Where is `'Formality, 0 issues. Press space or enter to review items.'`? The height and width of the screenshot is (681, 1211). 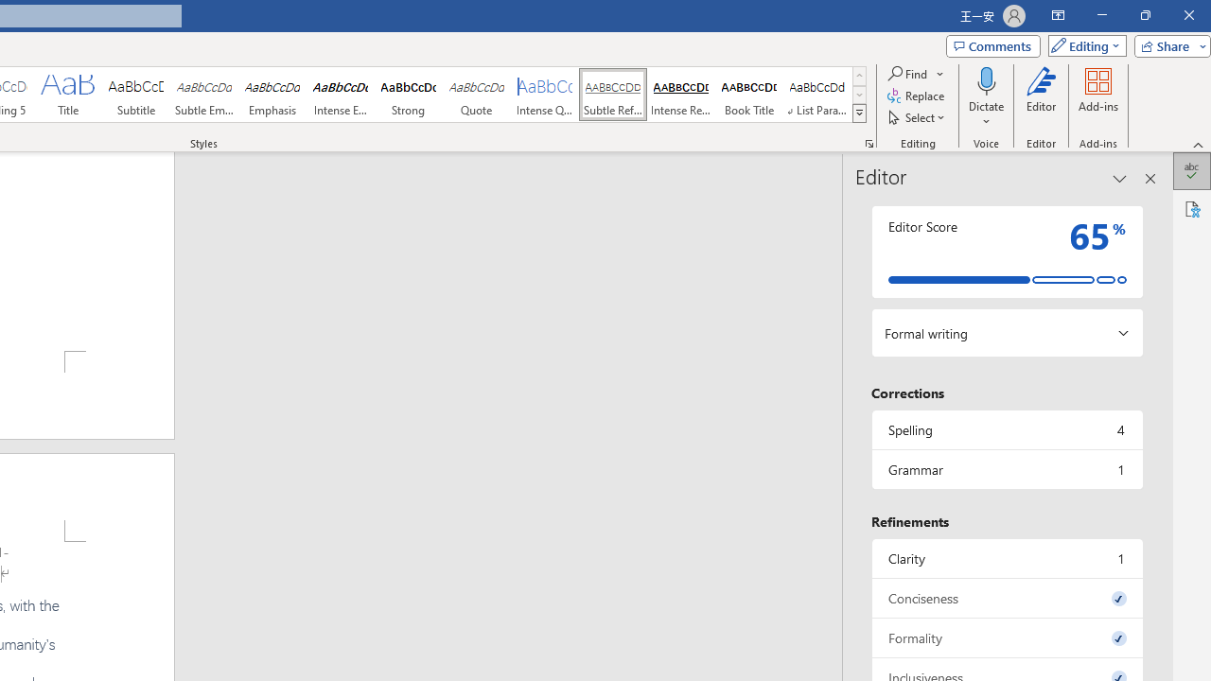 'Formality, 0 issues. Press space or enter to review items.' is located at coordinates (1006, 637).